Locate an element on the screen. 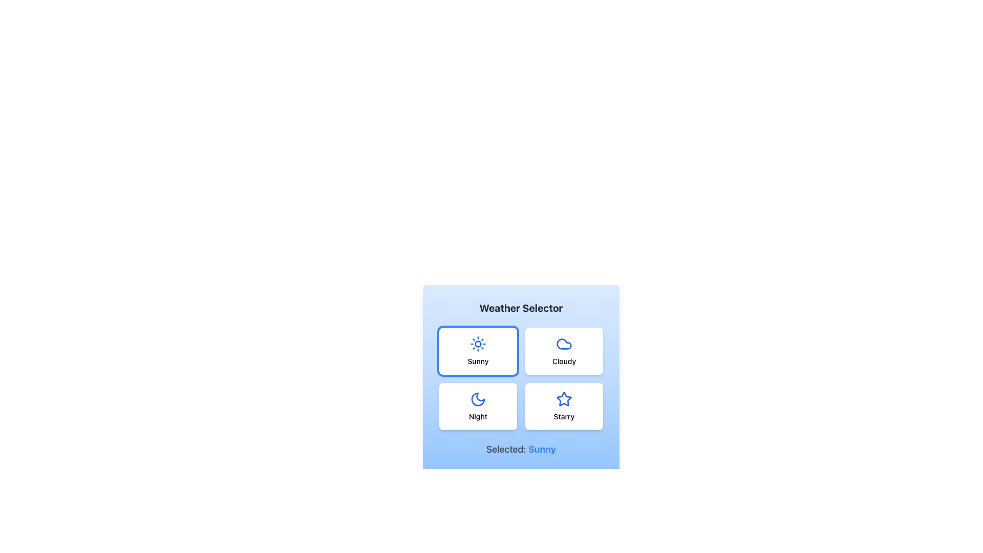  the text element displaying the current weather condition, which shows 'Sunny' within the sentence 'Selected: Sunny' at the bottom of the weather selection panel is located at coordinates (541, 449).